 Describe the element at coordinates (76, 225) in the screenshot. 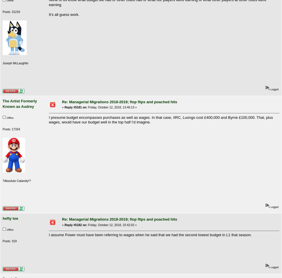

I see `'Reply #5182 on:'` at that location.